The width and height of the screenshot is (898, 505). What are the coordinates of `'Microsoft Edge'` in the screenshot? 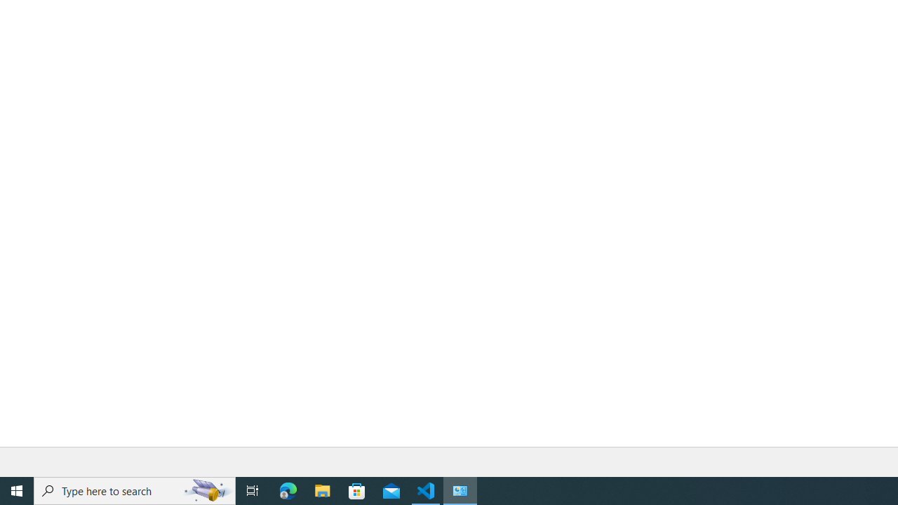 It's located at (288, 490).